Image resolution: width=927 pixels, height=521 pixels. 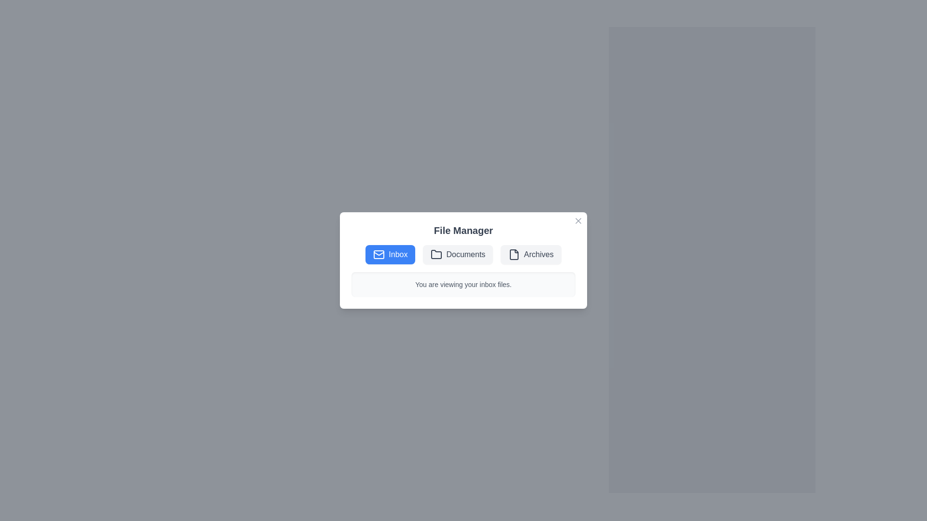 I want to click on the 'Documents' text label within the button, so click(x=465, y=254).